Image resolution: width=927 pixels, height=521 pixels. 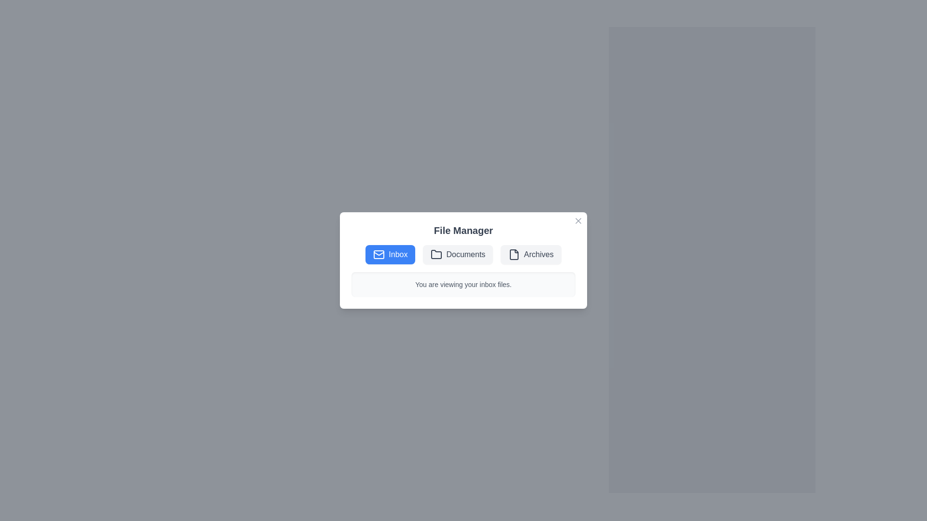 I want to click on the 'Documents' text label within the button, so click(x=465, y=254).